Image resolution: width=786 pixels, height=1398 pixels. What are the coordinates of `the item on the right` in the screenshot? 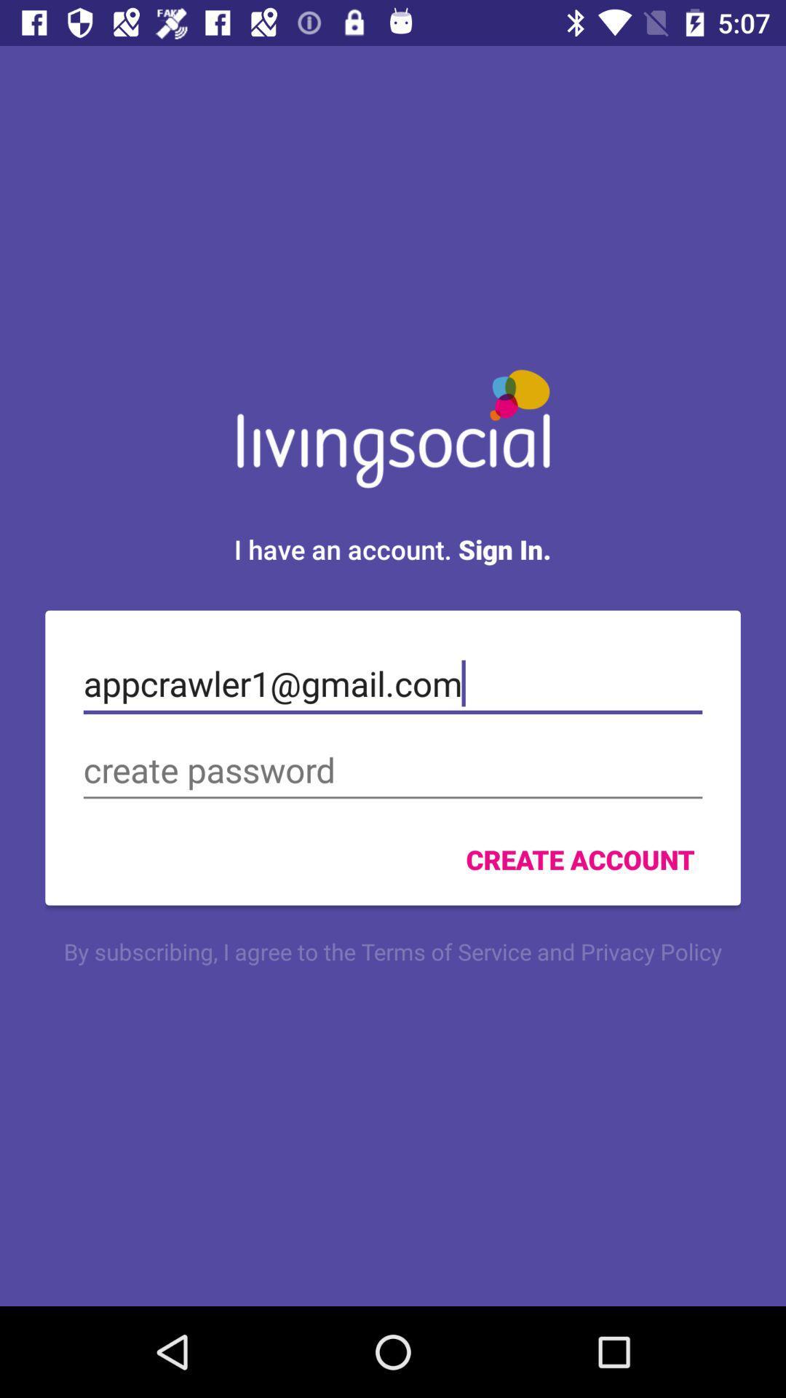 It's located at (579, 859).